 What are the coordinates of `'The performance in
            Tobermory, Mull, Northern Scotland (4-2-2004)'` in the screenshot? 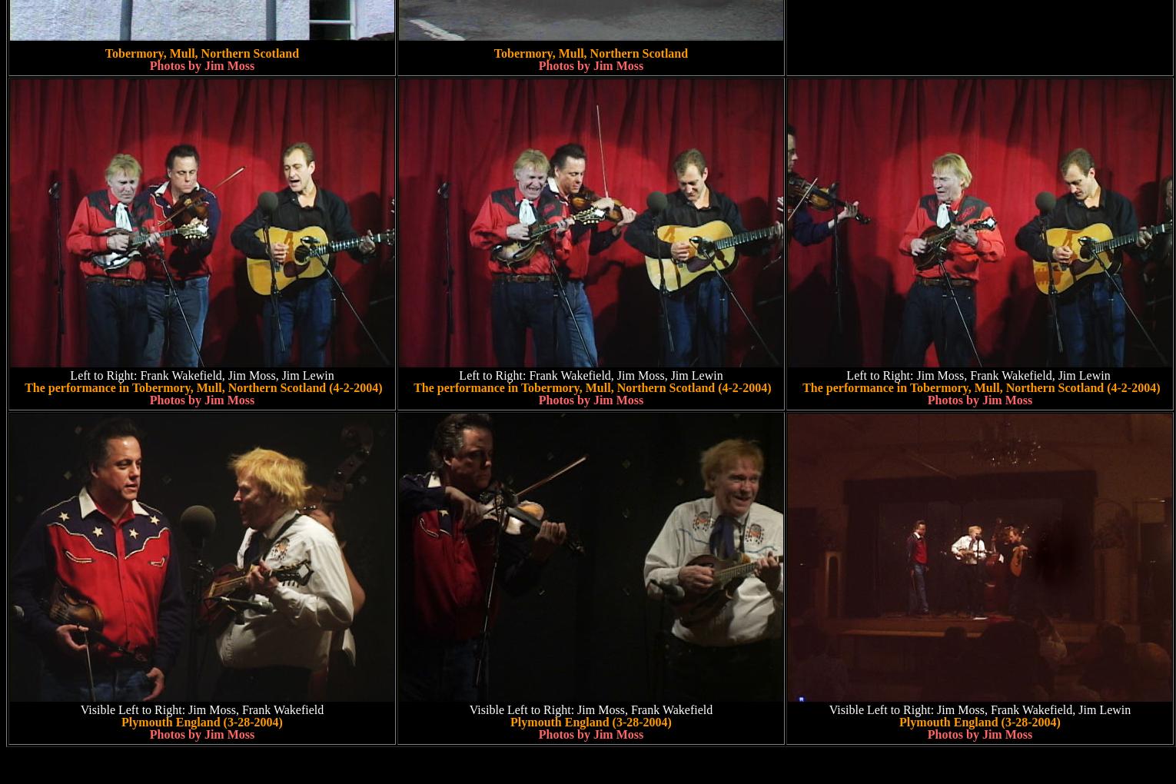 It's located at (590, 387).